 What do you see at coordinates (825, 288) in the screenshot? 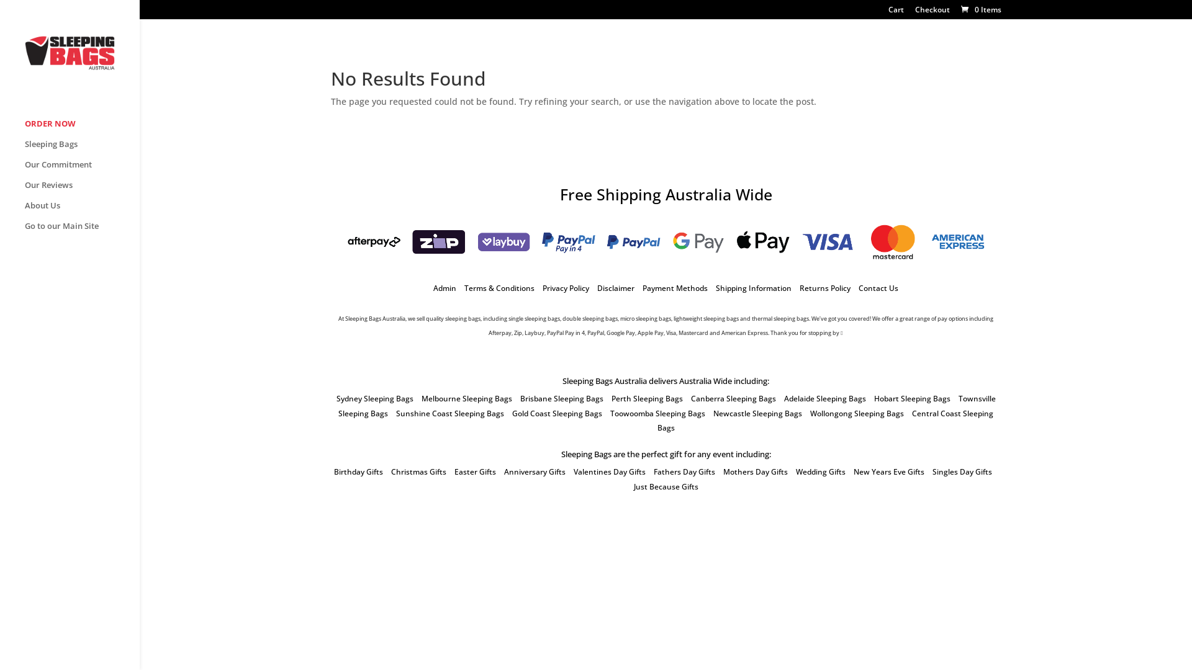
I see `'Returns Policy'` at bounding box center [825, 288].